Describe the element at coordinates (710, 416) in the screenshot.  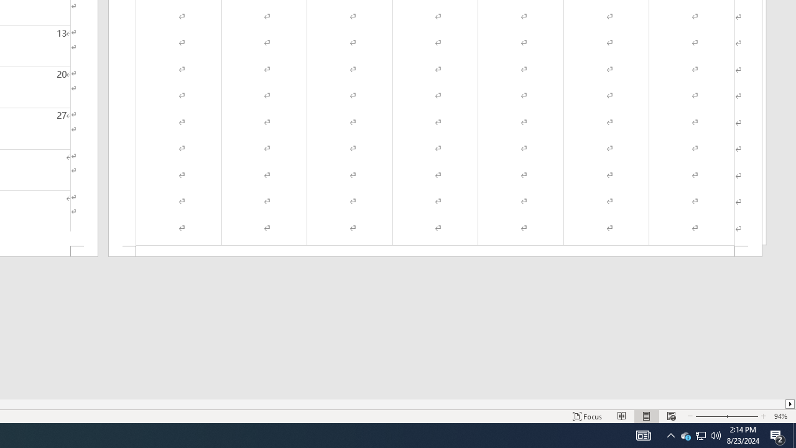
I see `'Zoom Out'` at that location.